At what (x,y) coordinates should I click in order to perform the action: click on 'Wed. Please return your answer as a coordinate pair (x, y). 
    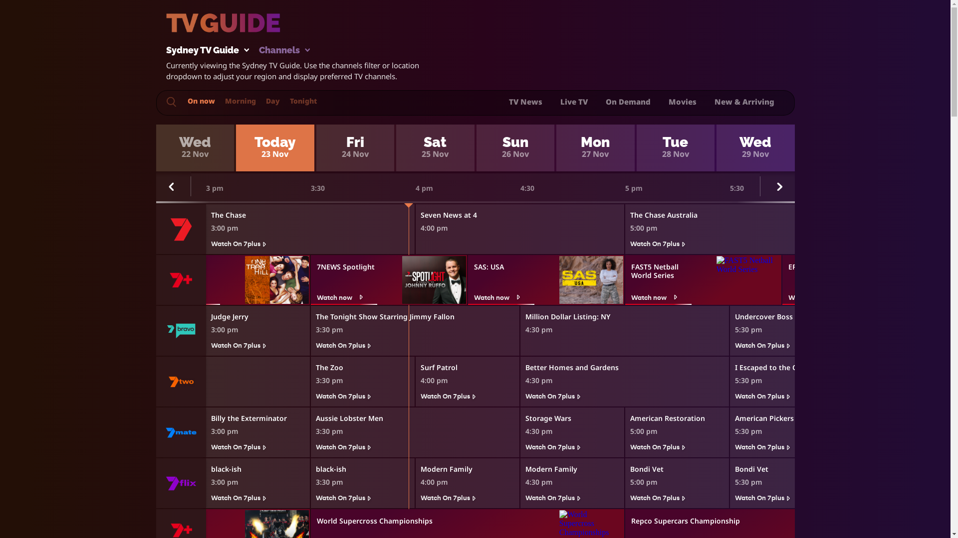
    Looking at the image, I should click on (755, 148).